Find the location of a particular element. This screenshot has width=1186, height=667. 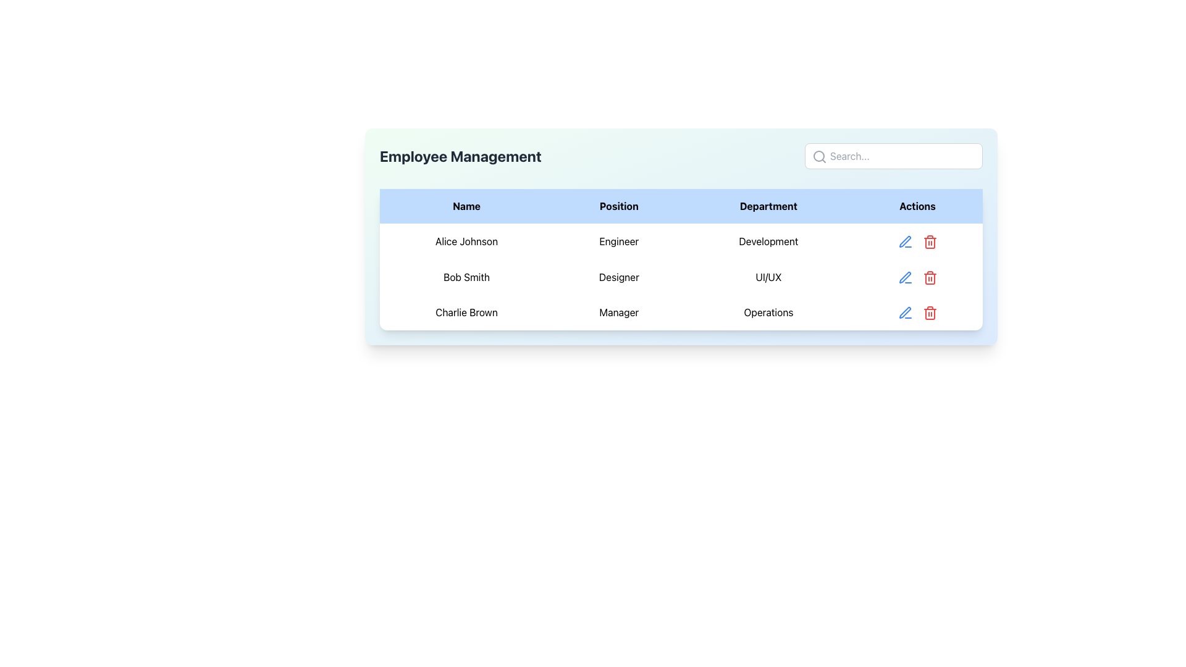

the static text label displaying 'Charlie Brown' in the 'Employee Management' table, located in the third row under the 'Name' column is located at coordinates (466, 312).